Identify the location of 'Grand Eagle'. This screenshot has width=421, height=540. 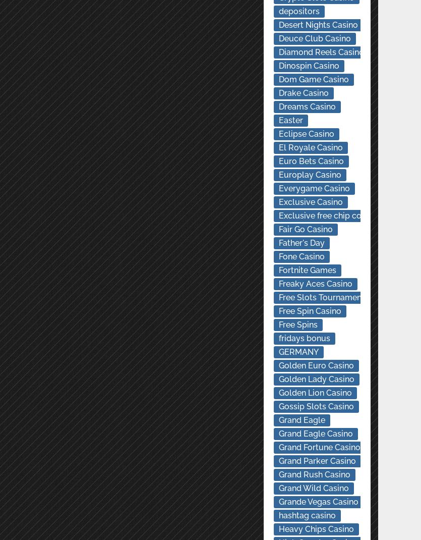
(278, 420).